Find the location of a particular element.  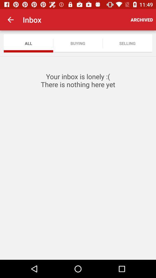

the item to the left of selling item is located at coordinates (78, 43).